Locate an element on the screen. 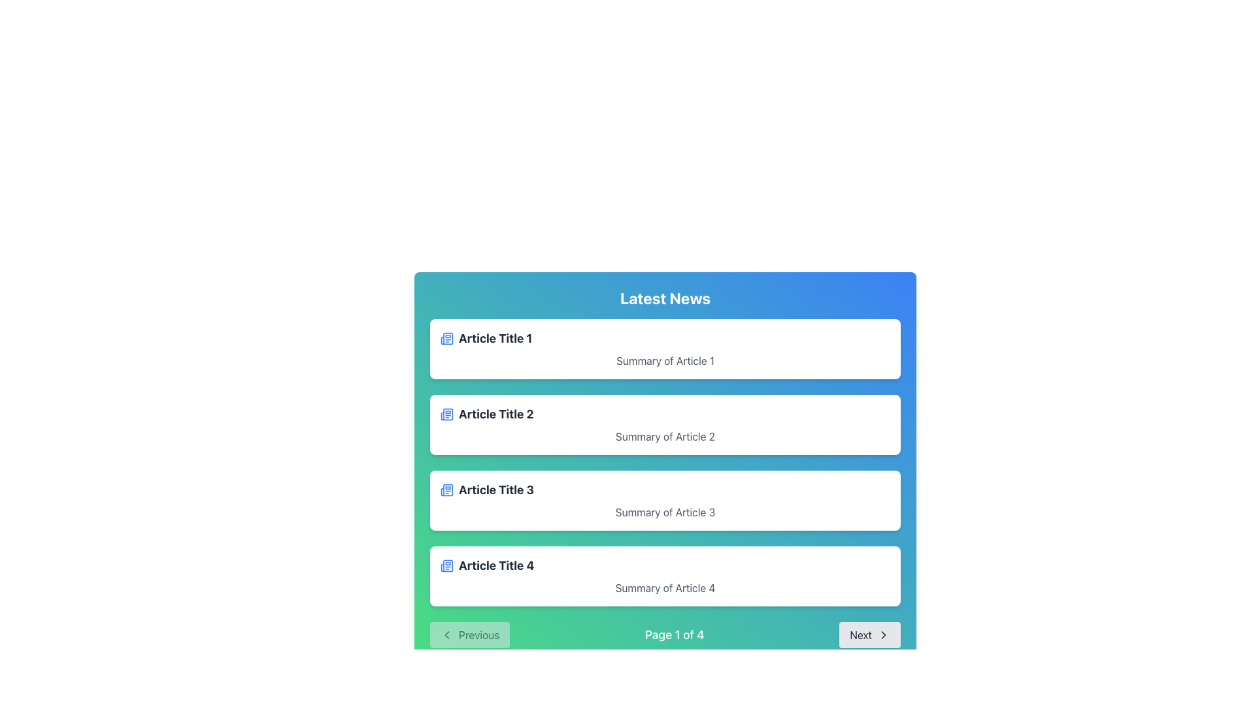  the blue newspaper icon located to the left of the text 'Article Title 1' in the first row of the news entry list is located at coordinates (447, 338).